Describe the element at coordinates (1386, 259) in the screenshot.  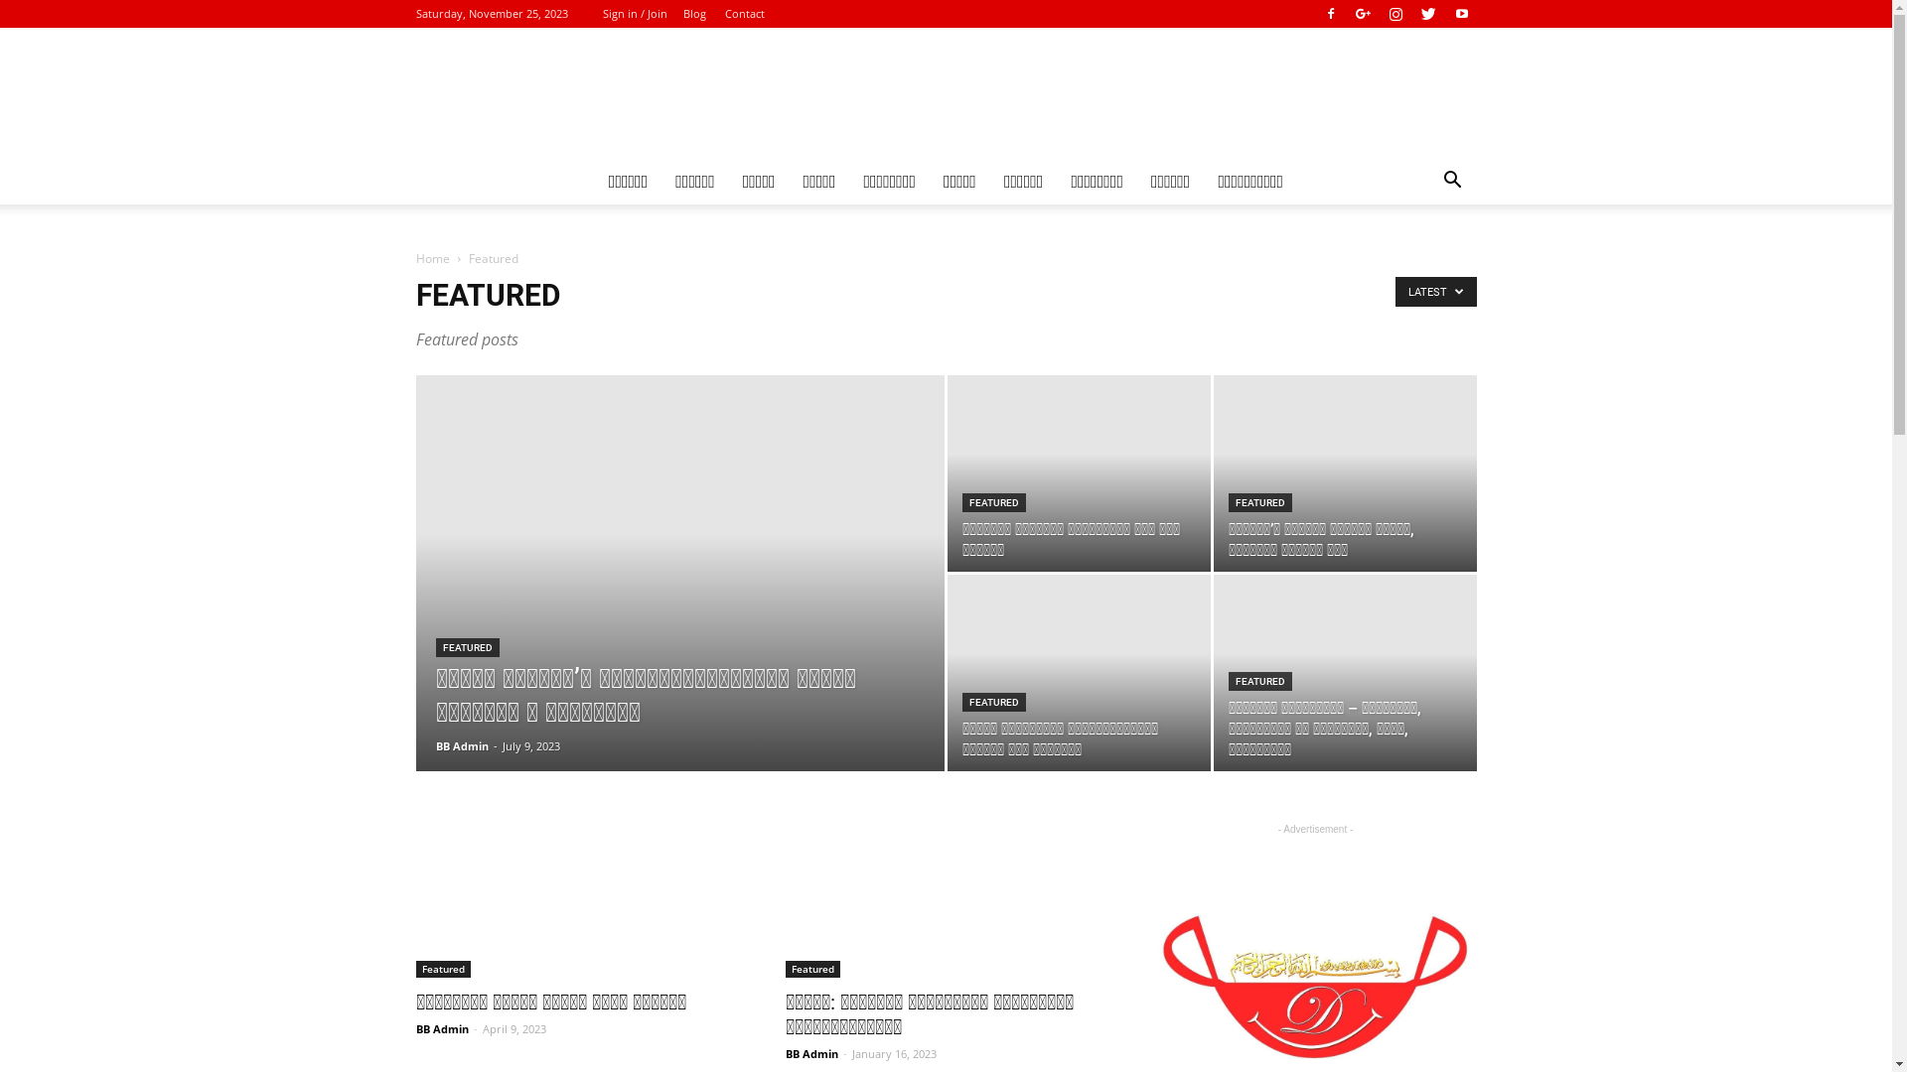
I see `'Search'` at that location.